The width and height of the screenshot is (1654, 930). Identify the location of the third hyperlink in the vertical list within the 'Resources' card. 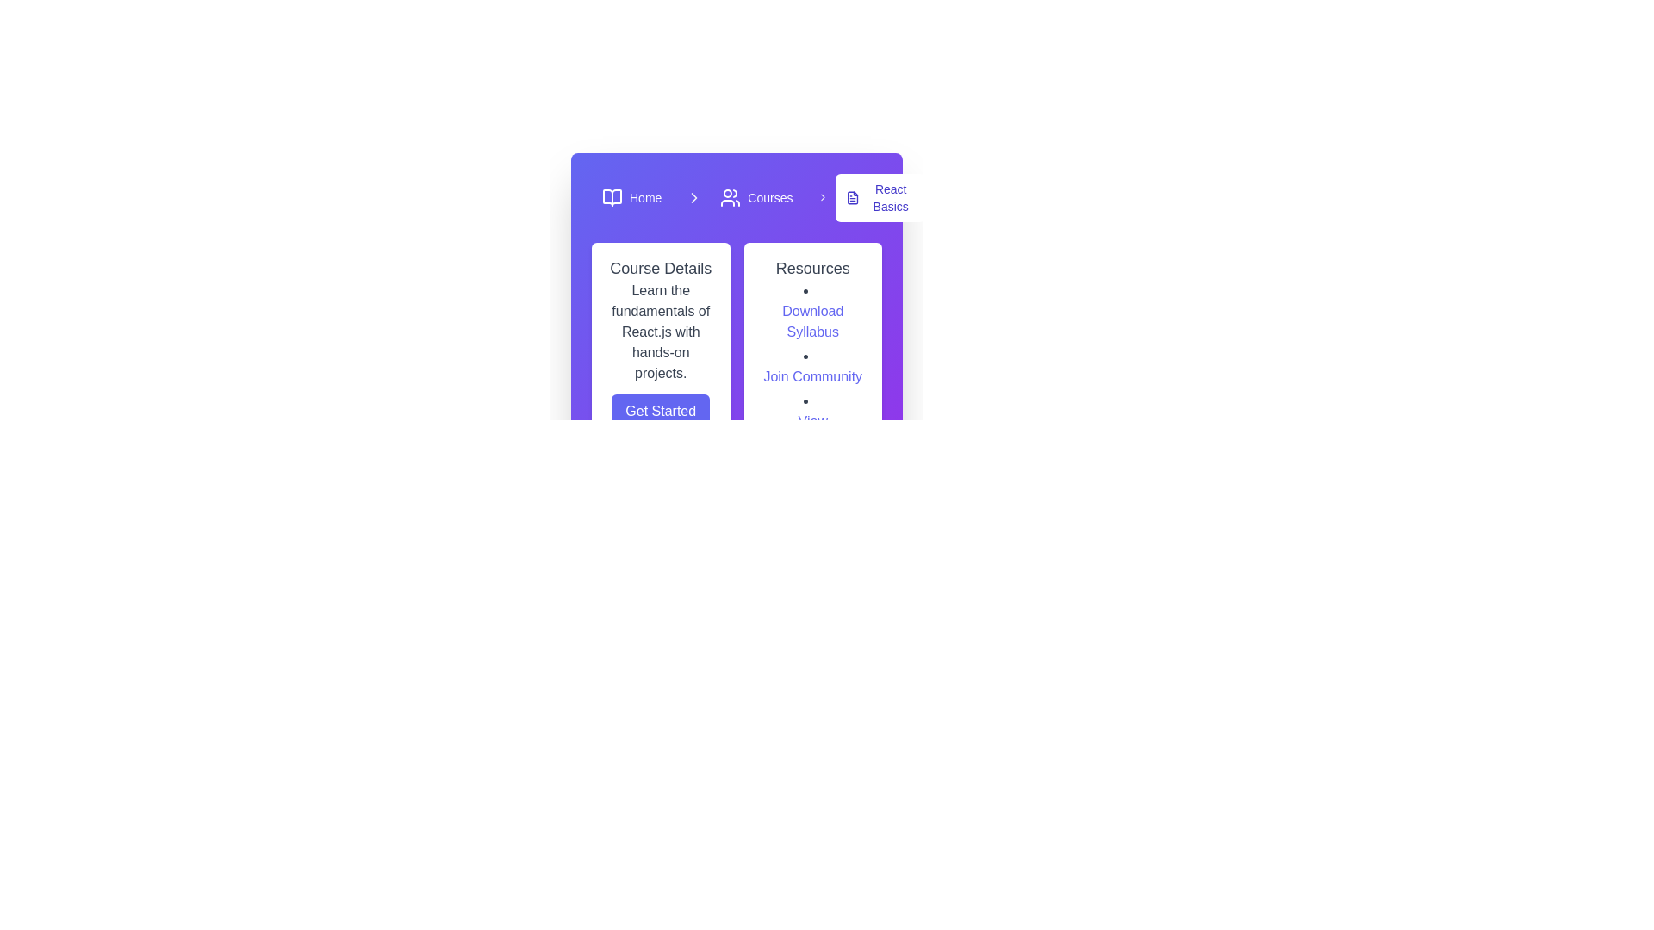
(811, 431).